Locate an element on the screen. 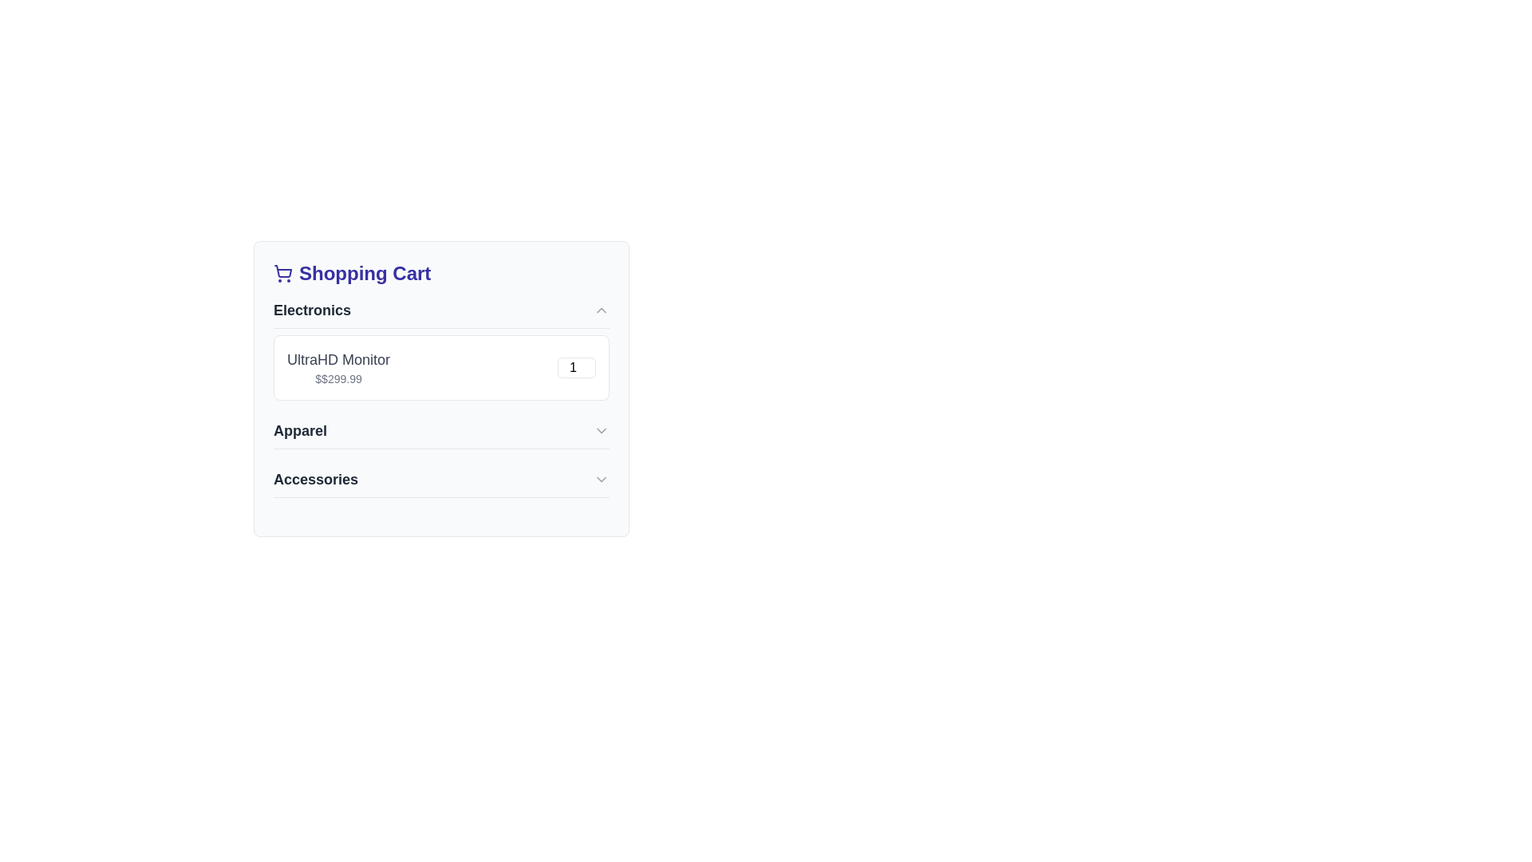 Image resolution: width=1532 pixels, height=862 pixels. the shopping cart icon located near the top-left corner of the 'Shopping Cart' section, which serves as a visual cue for related actions is located at coordinates (283, 273).